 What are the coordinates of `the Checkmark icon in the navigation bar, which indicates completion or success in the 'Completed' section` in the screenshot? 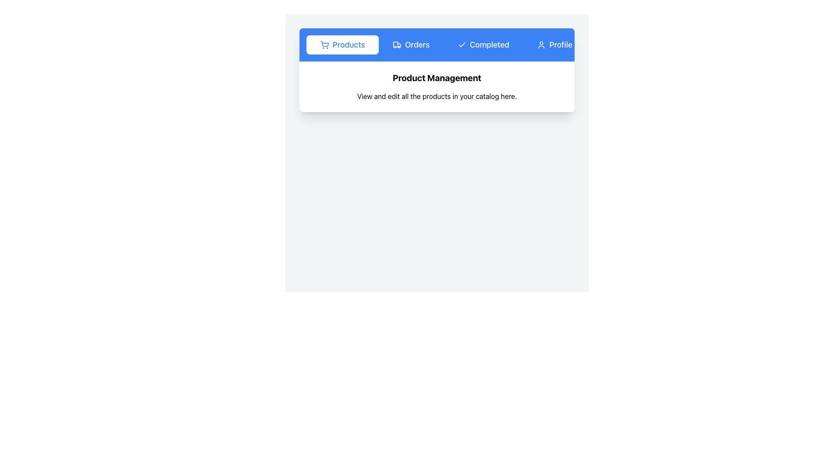 It's located at (461, 44).